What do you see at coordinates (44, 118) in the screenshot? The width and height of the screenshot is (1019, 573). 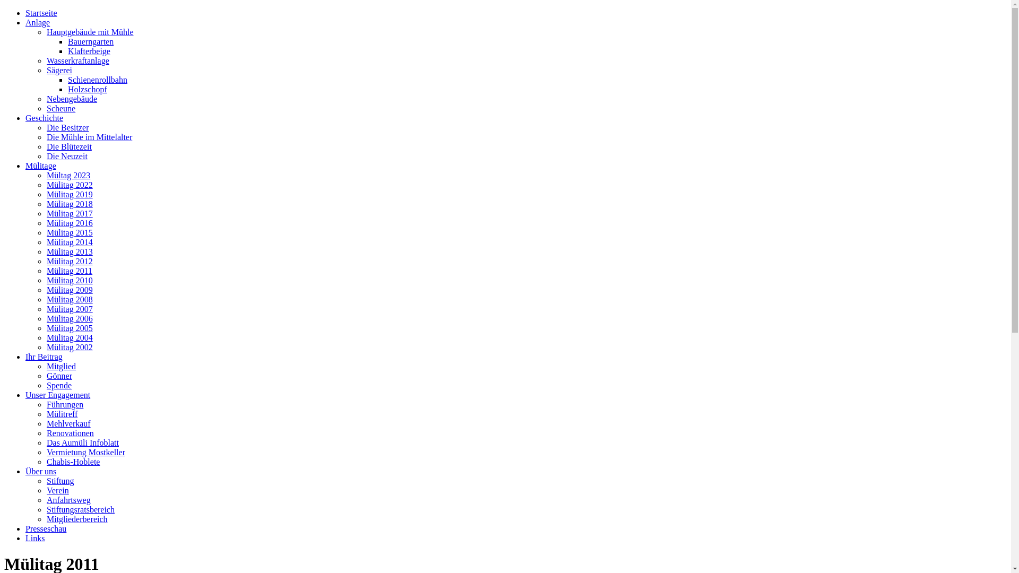 I see `'Geschichte'` at bounding box center [44, 118].